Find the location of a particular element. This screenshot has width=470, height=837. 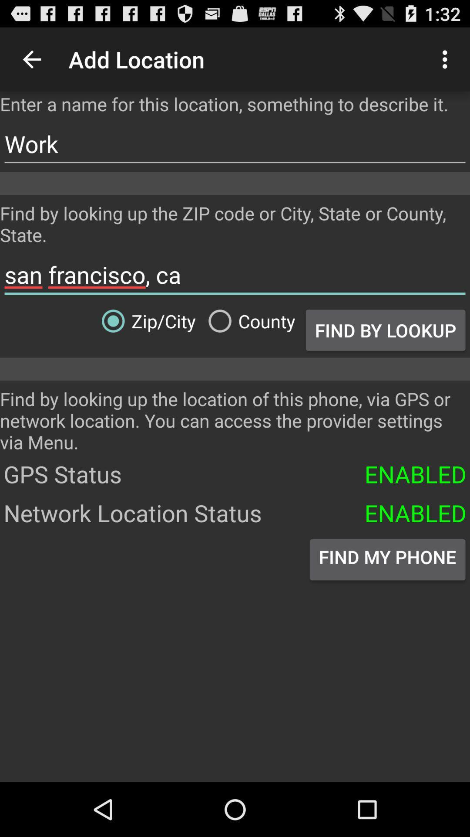

the icon at the top right corner is located at coordinates (447, 59).